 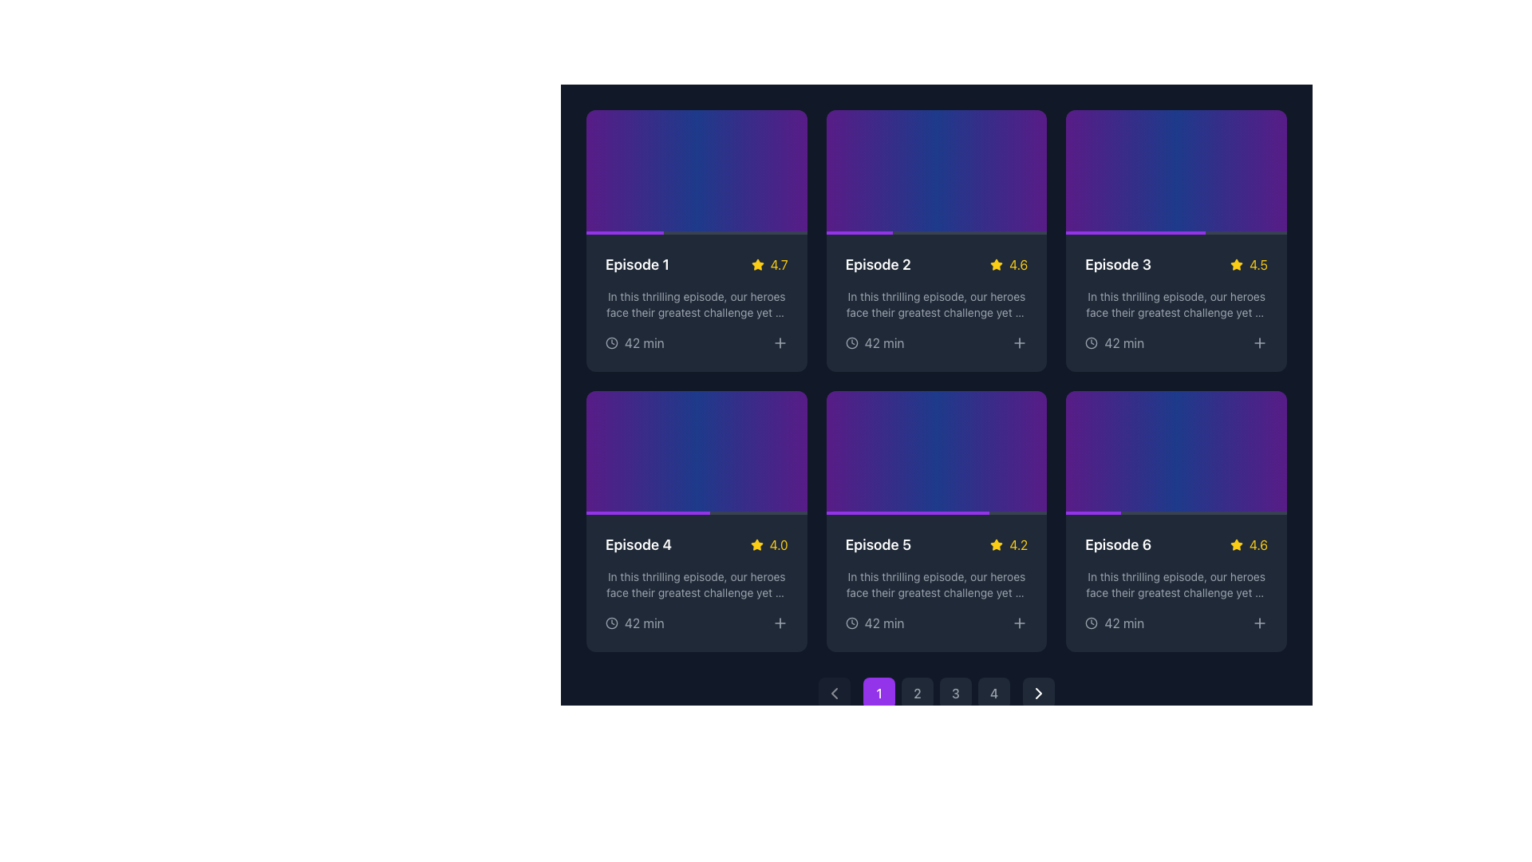 What do you see at coordinates (1114, 342) in the screenshot?
I see `the informational text and icon combination indicating the duration of the episode located in the 'Episode 3' card in the first row, third column` at bounding box center [1114, 342].